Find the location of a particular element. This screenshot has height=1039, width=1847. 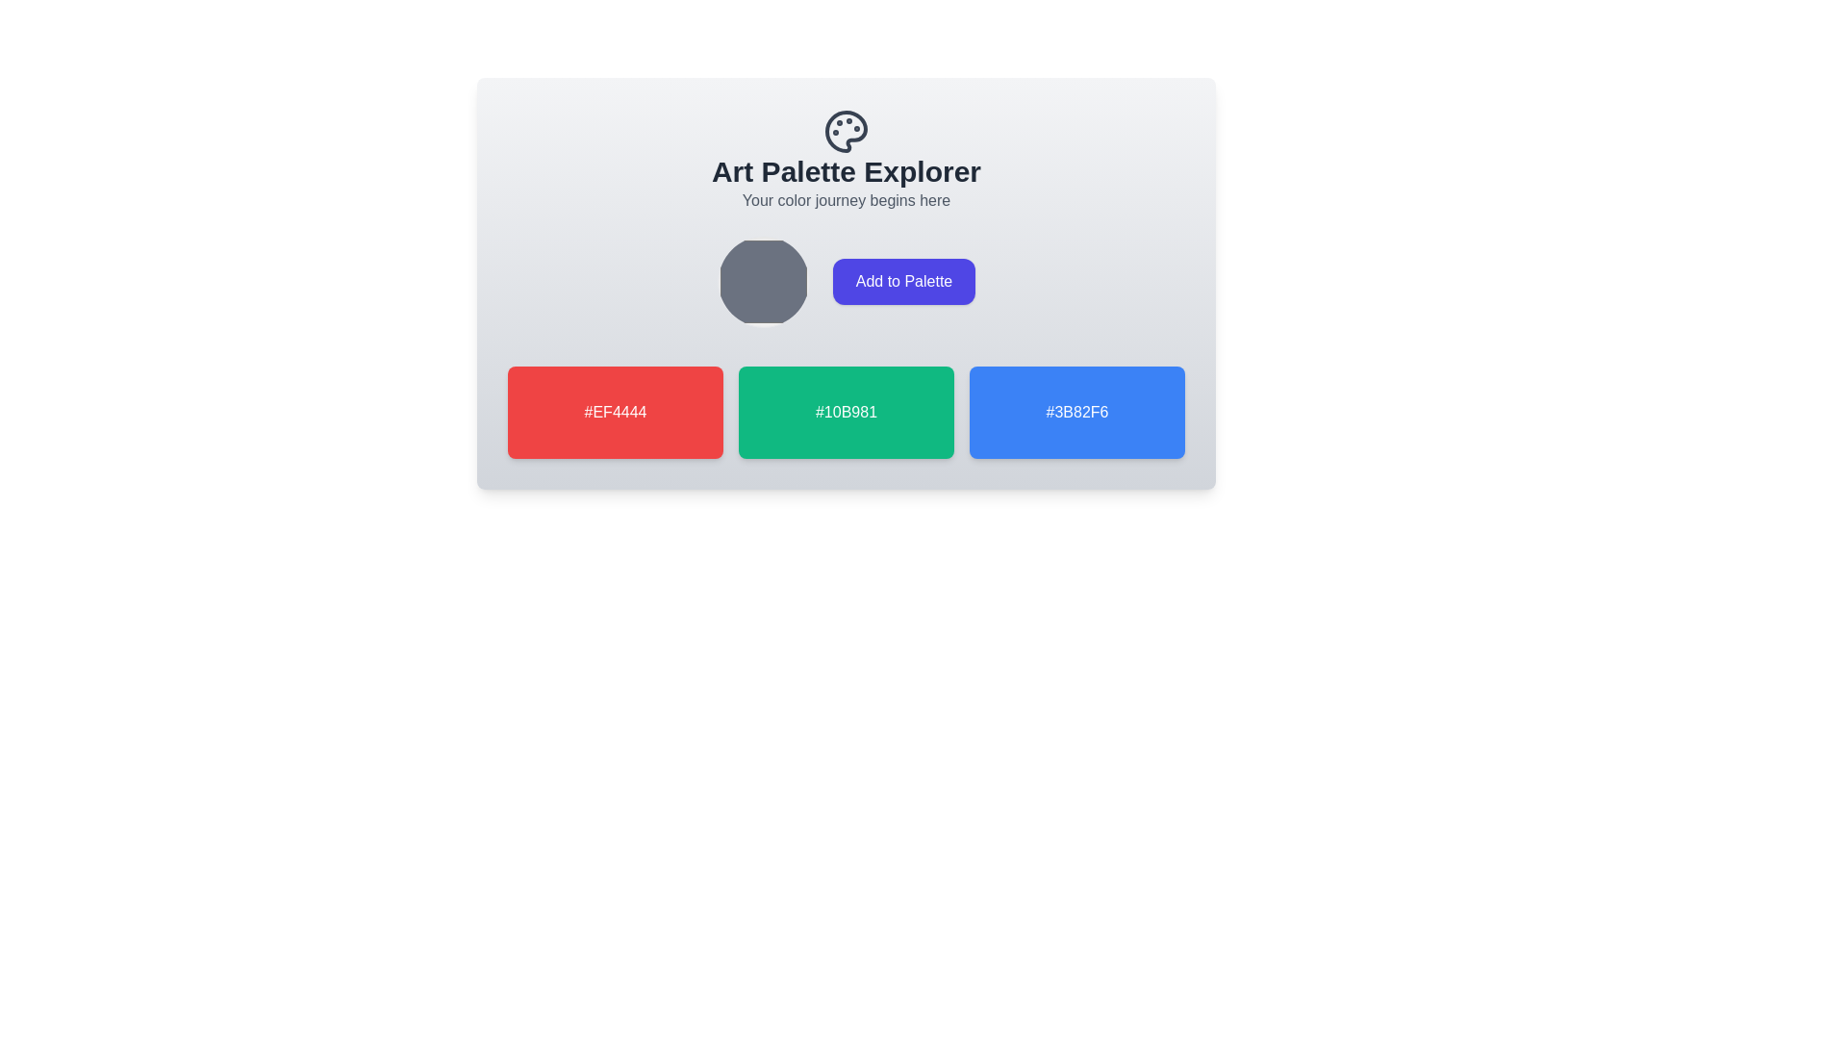

the Static Color Display Block with a vibrant red background and the HEX code '#EF4444', which is the first element in a row of three similar components is located at coordinates (614, 411).